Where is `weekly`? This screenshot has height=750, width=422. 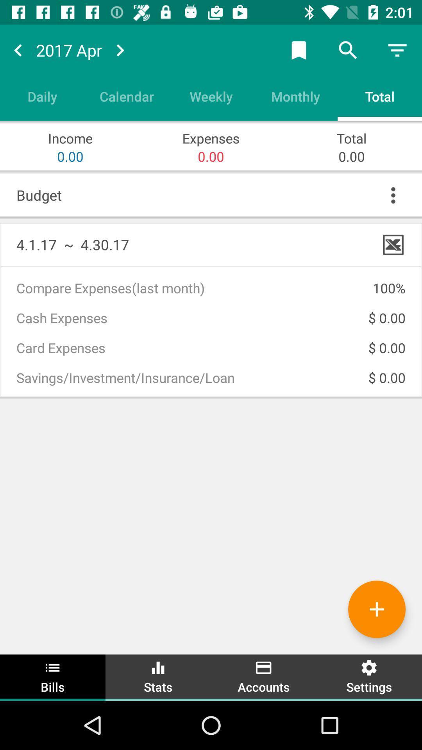
weekly is located at coordinates (211, 96).